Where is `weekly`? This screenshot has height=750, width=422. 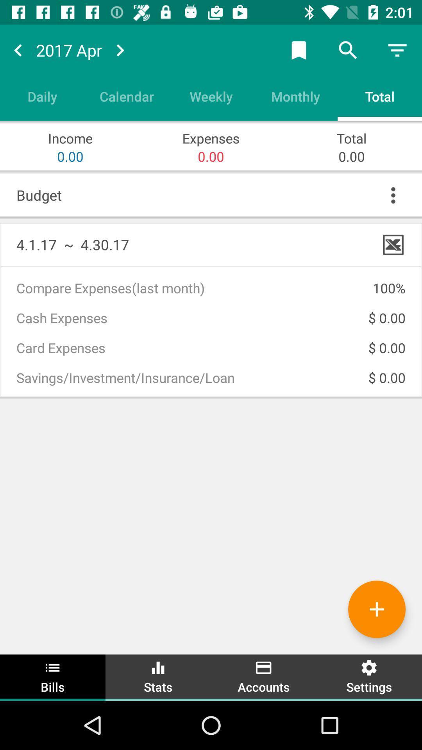
weekly is located at coordinates (211, 96).